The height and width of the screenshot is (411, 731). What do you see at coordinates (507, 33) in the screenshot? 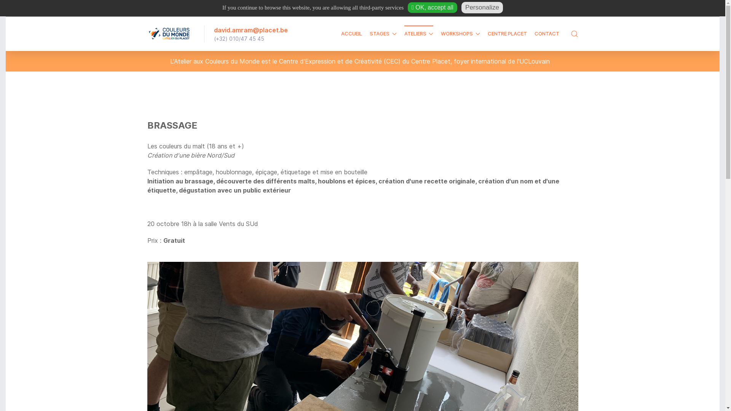
I see `'CENTRE PLACET'` at bounding box center [507, 33].